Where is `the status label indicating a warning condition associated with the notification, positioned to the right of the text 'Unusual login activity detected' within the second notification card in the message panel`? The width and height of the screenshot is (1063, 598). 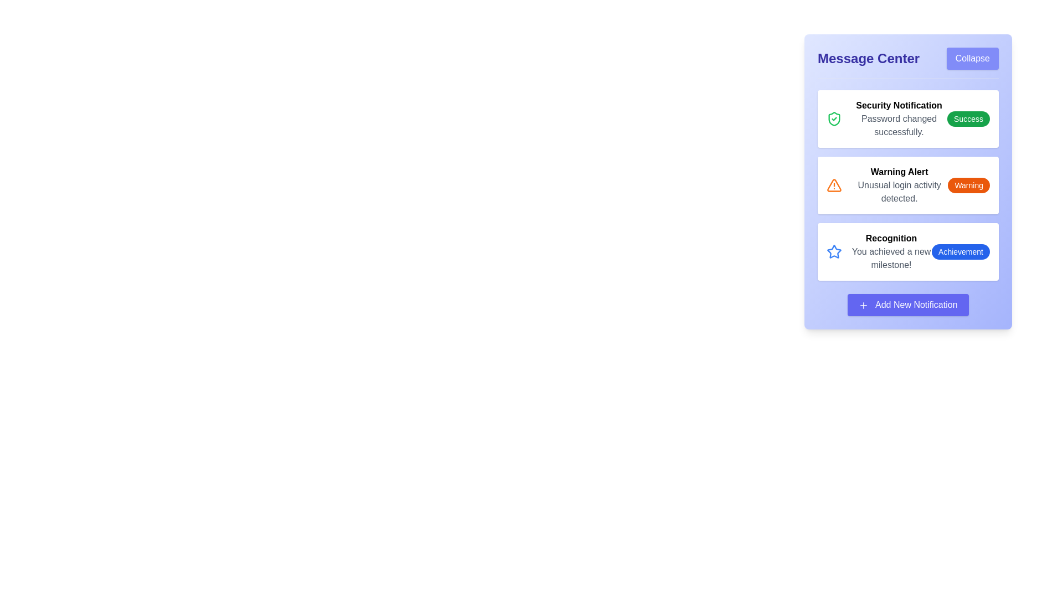
the status label indicating a warning condition associated with the notification, positioned to the right of the text 'Unusual login activity detected' within the second notification card in the message panel is located at coordinates (968, 185).